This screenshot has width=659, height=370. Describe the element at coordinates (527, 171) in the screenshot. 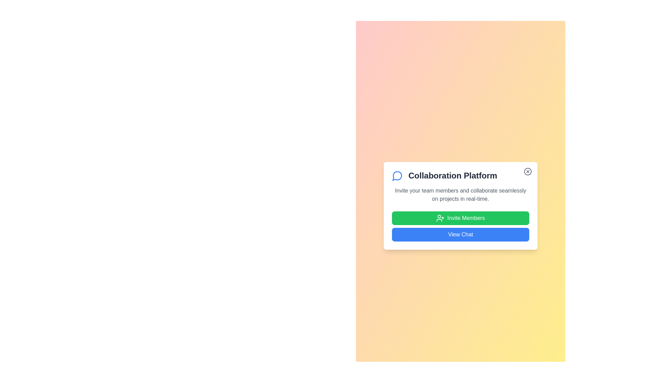

I see `the close button to close the dialog` at that location.